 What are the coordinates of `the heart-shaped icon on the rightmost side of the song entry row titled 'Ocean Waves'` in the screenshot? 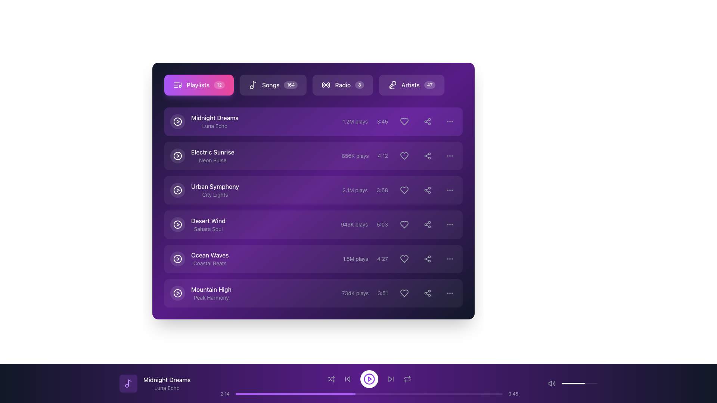 It's located at (404, 259).